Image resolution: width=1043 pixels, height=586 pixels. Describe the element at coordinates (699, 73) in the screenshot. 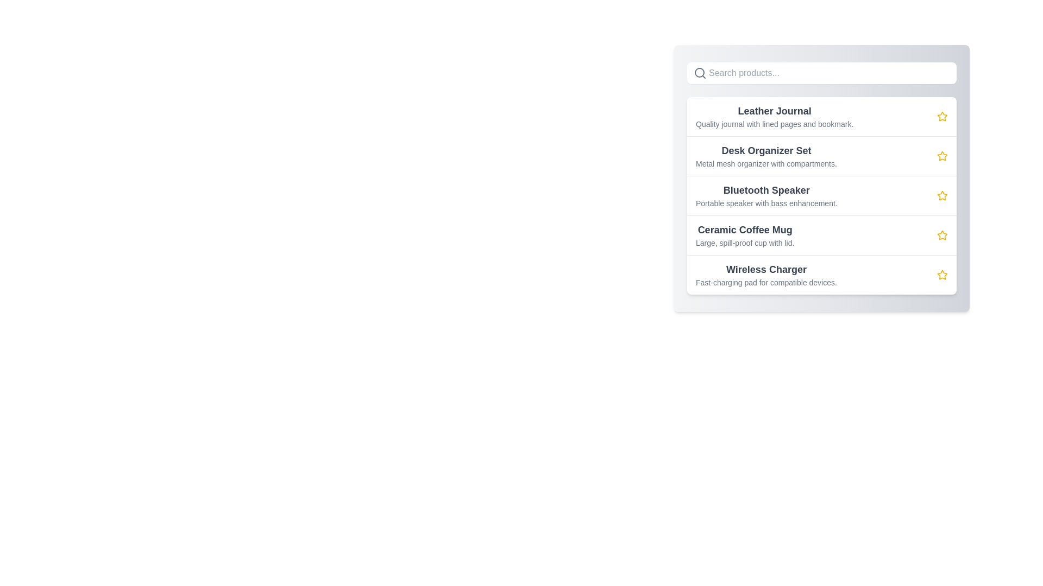

I see `SVG Circle element that is part of the magnifying glass icon located inside the search input field at the top-left corner of the interface` at that location.